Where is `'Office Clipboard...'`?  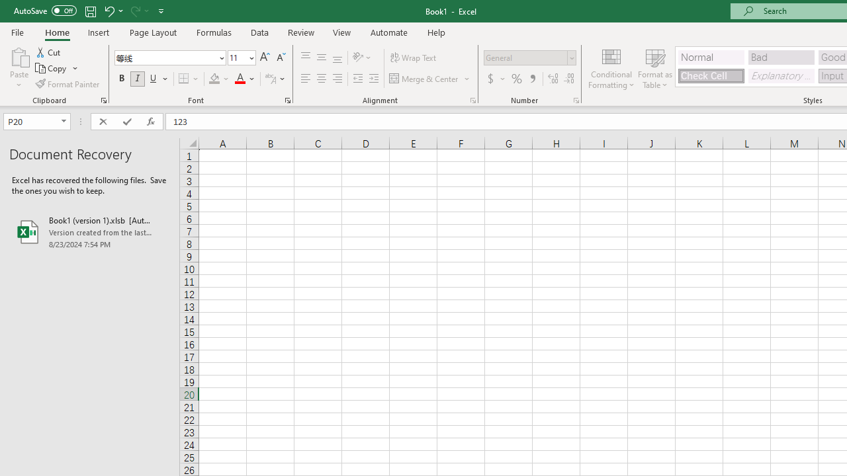
'Office Clipboard...' is located at coordinates (103, 99).